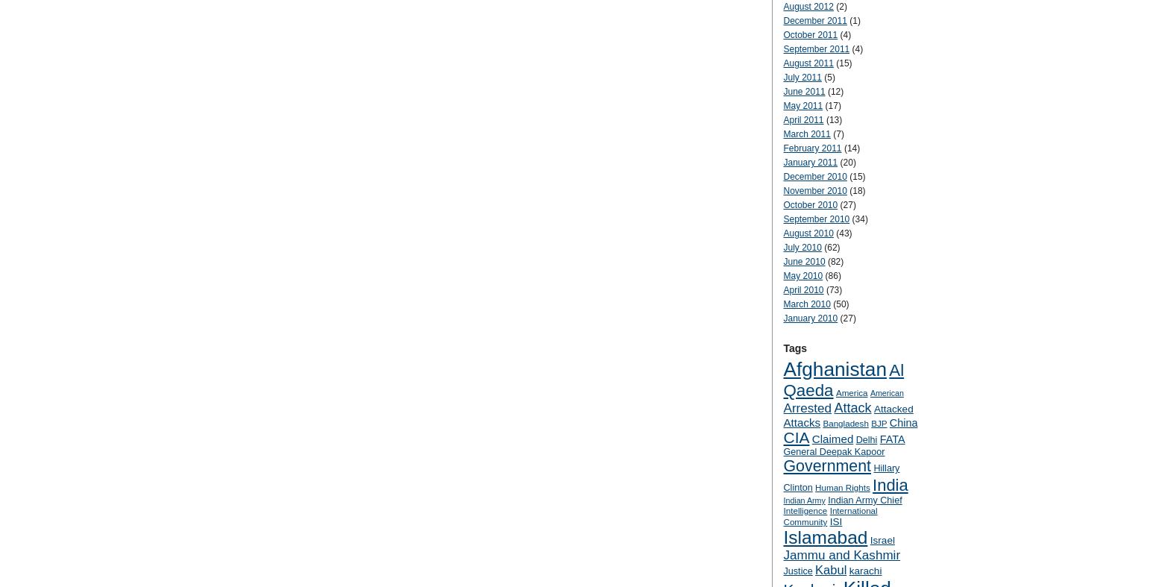  I want to click on '(18)', so click(855, 191).